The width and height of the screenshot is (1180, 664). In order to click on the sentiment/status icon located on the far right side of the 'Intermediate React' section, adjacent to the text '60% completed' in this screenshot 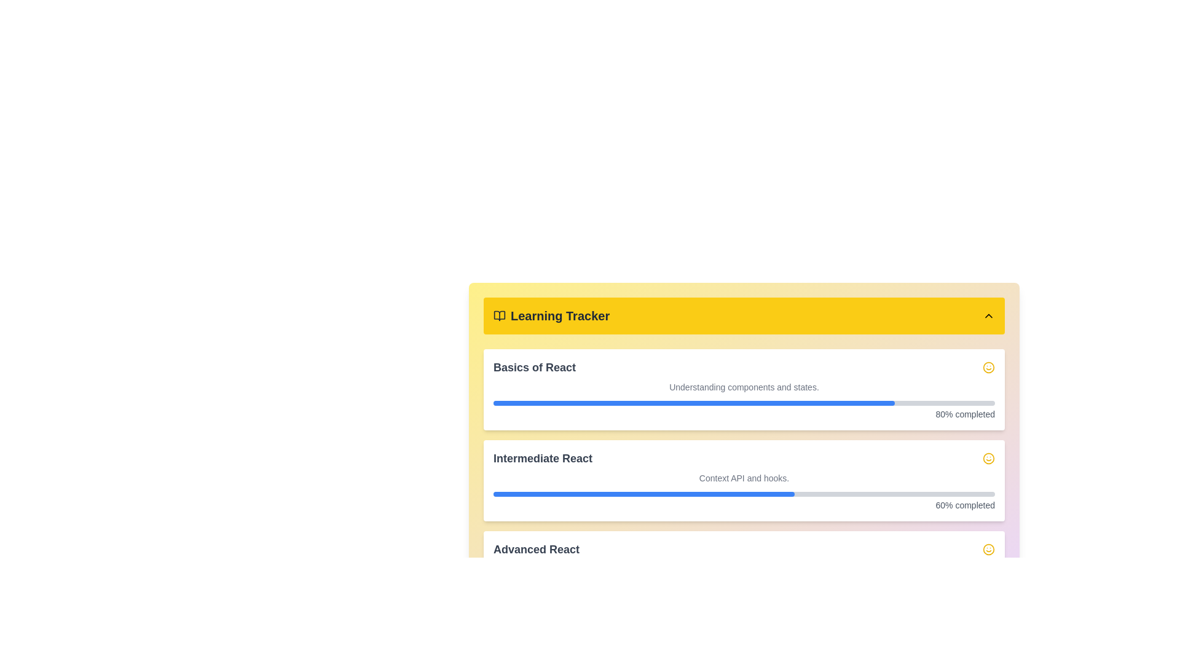, I will do `click(988, 458)`.